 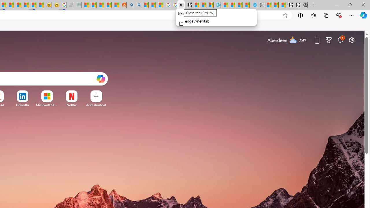 I want to click on 'Open Copilot', so click(x=101, y=79).